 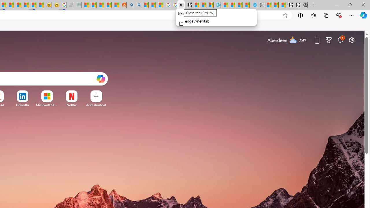 I want to click on 'Open Copilot', so click(x=101, y=79).